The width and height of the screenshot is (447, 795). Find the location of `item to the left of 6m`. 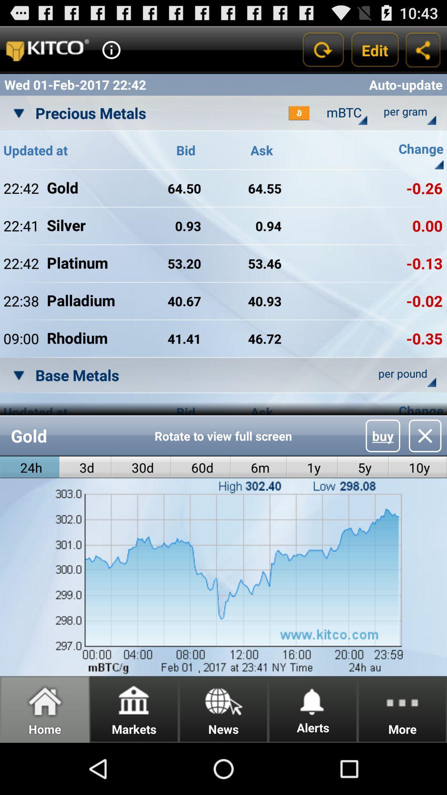

item to the left of 6m is located at coordinates (201, 467).